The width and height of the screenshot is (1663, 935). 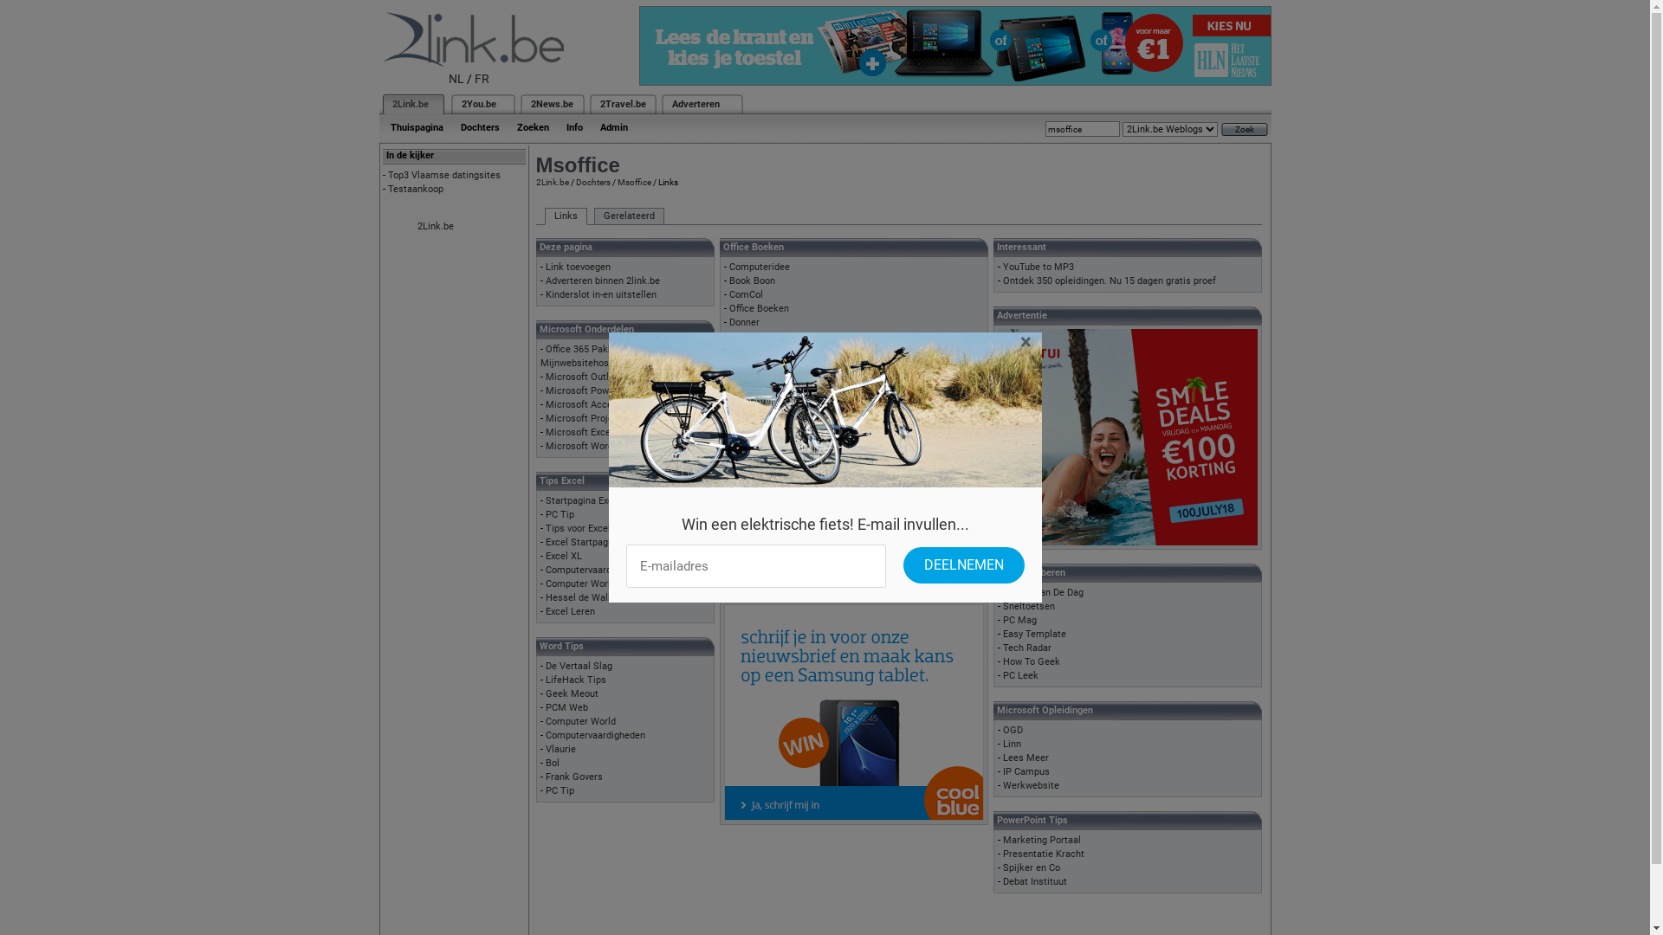 I want to click on 'Computer World', so click(x=580, y=721).